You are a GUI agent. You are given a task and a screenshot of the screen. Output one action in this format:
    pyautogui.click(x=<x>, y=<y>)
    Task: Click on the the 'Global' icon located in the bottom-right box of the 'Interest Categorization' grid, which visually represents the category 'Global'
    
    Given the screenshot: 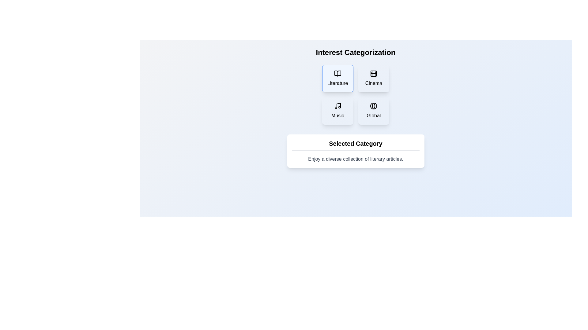 What is the action you would take?
    pyautogui.click(x=373, y=106)
    